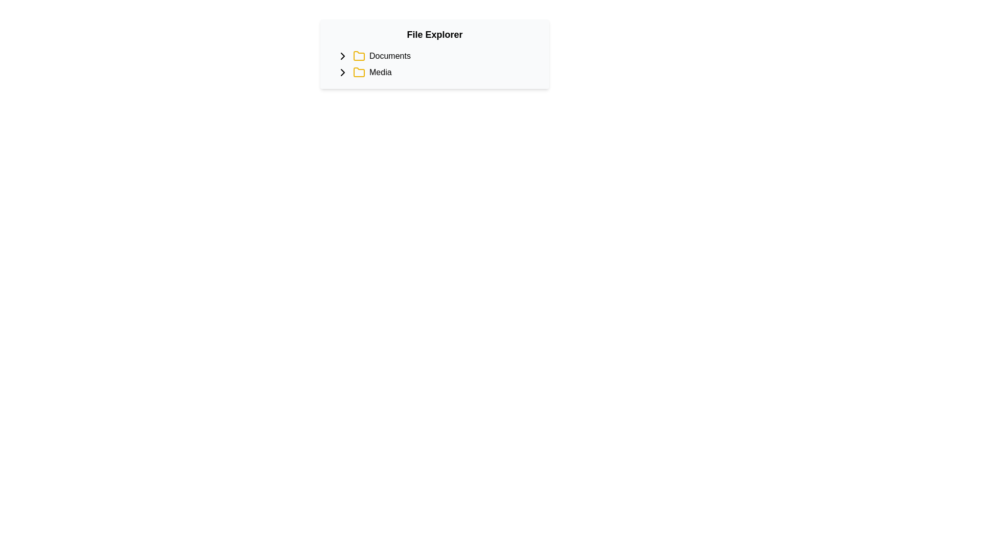  What do you see at coordinates (359, 72) in the screenshot?
I see `the yellow folder icon located to the left of the text labeled 'Media'` at bounding box center [359, 72].